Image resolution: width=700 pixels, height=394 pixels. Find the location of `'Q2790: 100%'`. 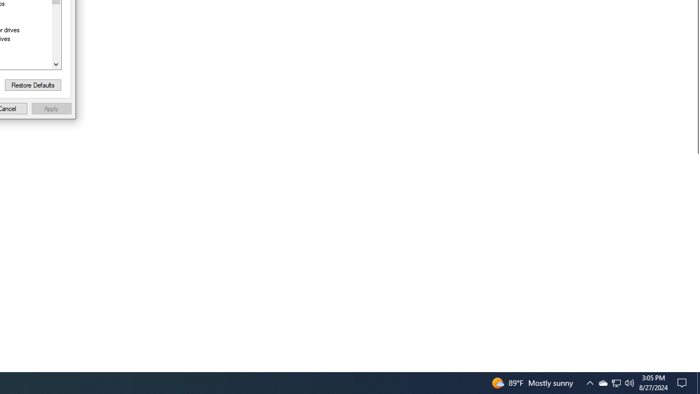

'Q2790: 100%' is located at coordinates (629, 382).